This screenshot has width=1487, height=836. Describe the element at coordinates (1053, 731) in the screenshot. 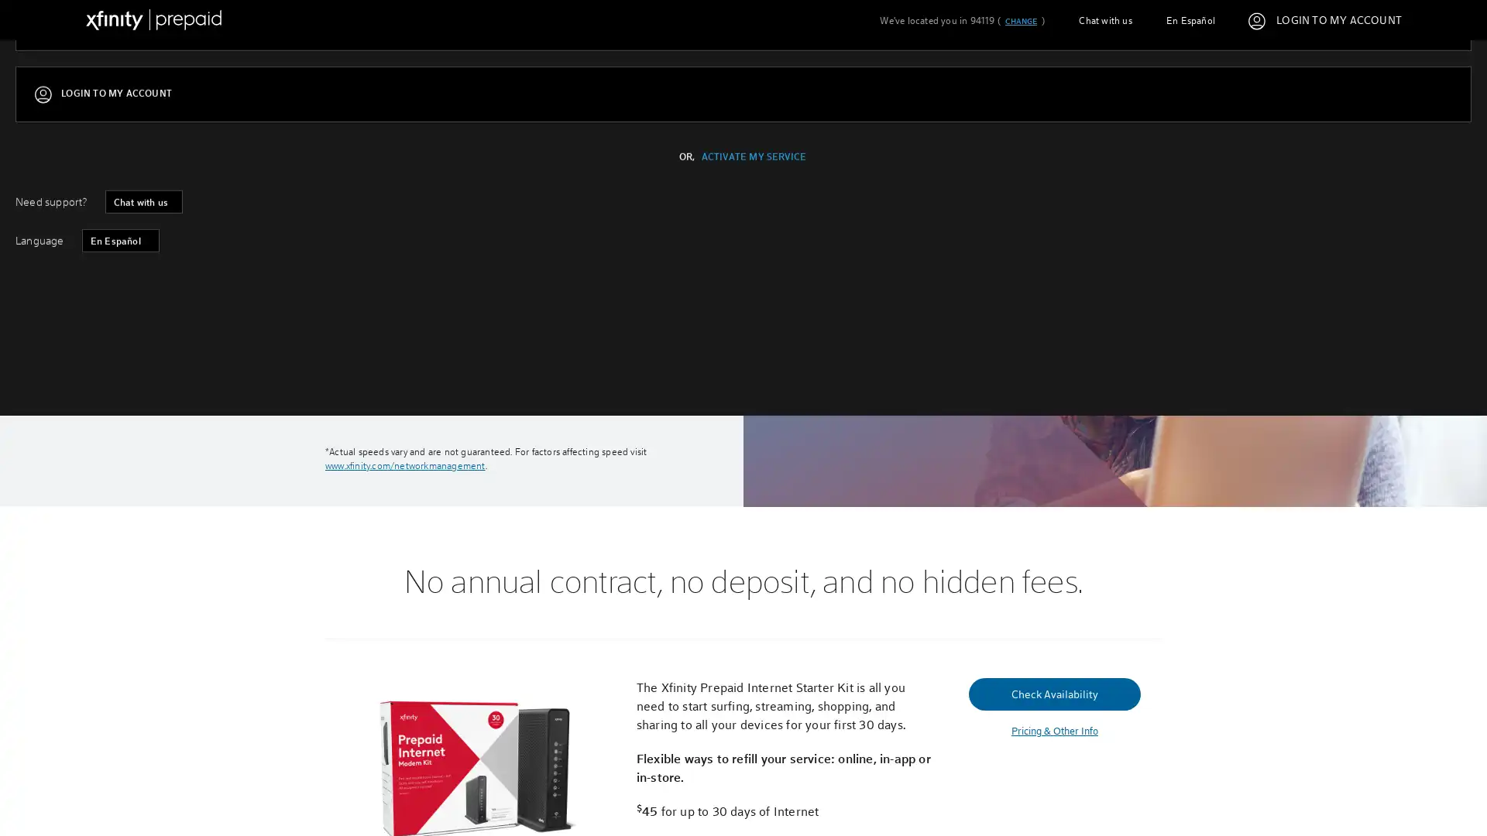

I see `Pricing & Other Info` at that location.